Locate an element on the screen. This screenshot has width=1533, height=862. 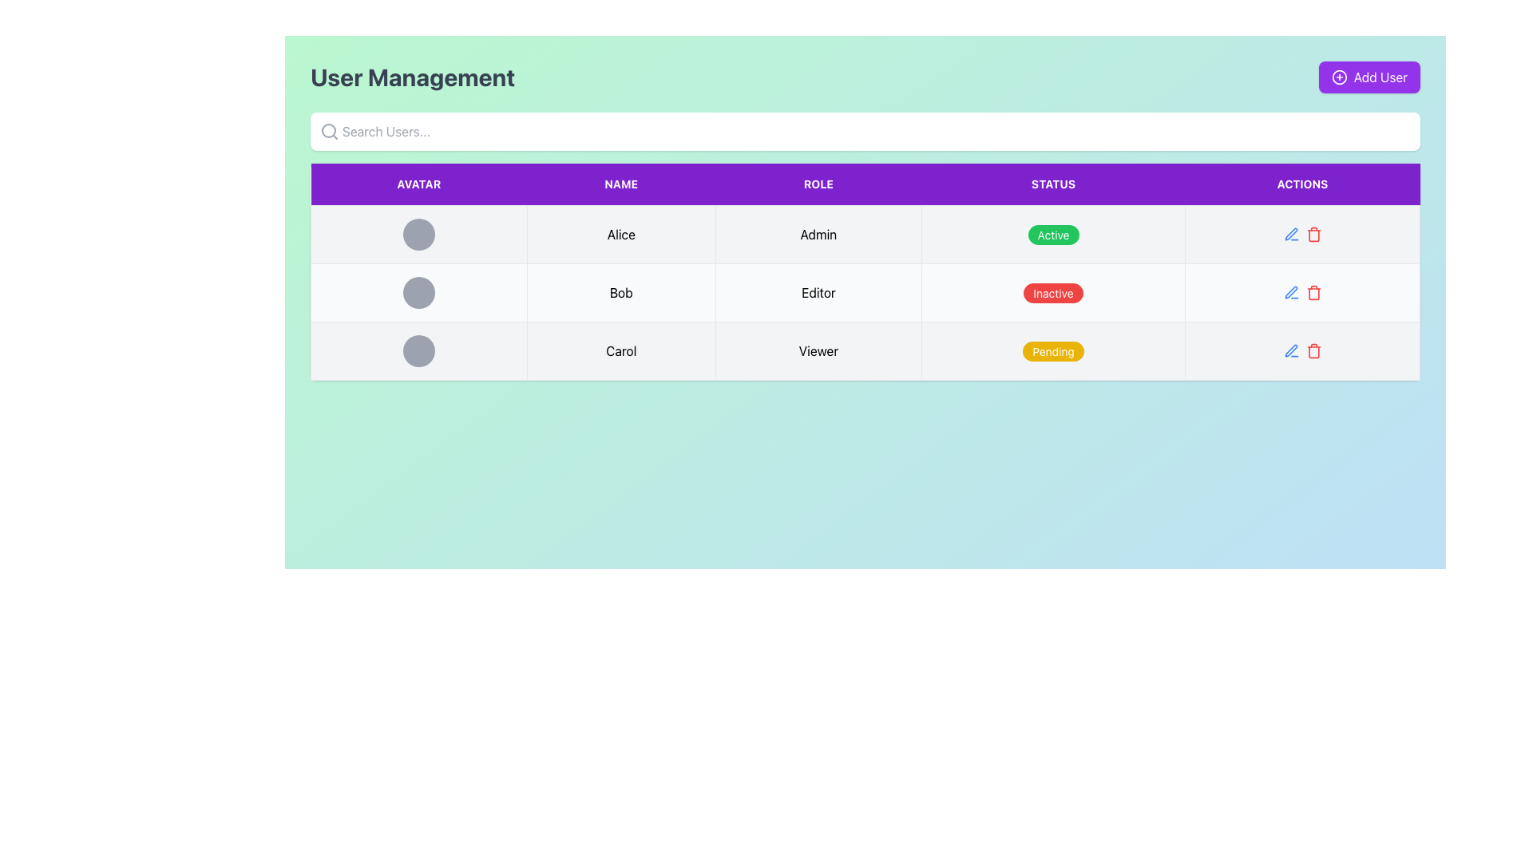
the first row of the user management table displaying information about user 'Alice' is located at coordinates (865, 234).